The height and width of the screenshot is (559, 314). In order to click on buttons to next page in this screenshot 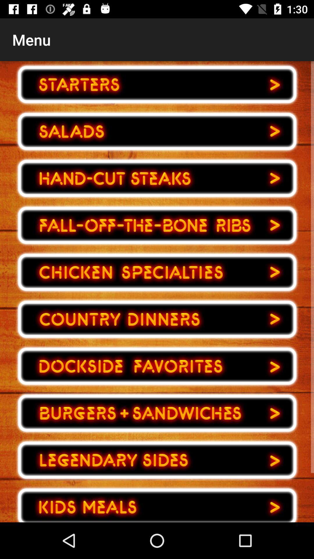, I will do `click(157, 225)`.